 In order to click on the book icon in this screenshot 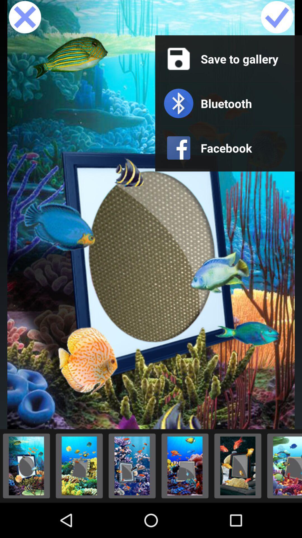, I will do `click(79, 498)`.